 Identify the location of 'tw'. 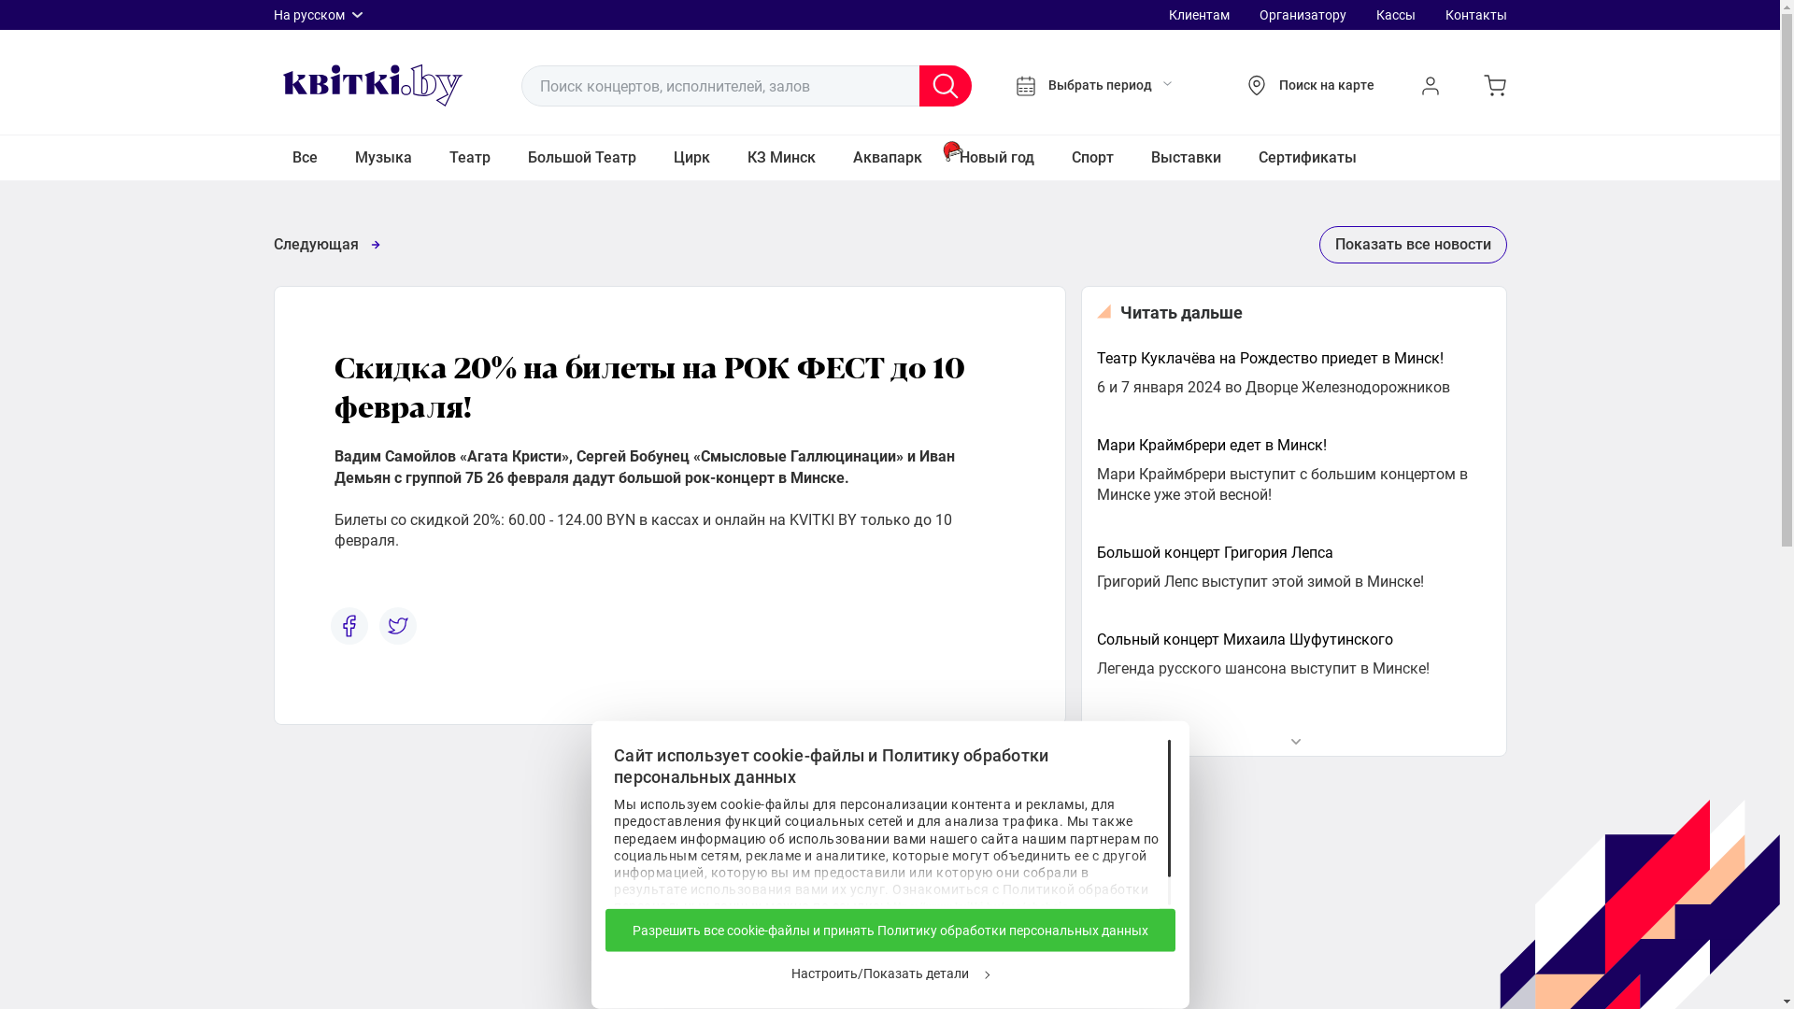
(397, 626).